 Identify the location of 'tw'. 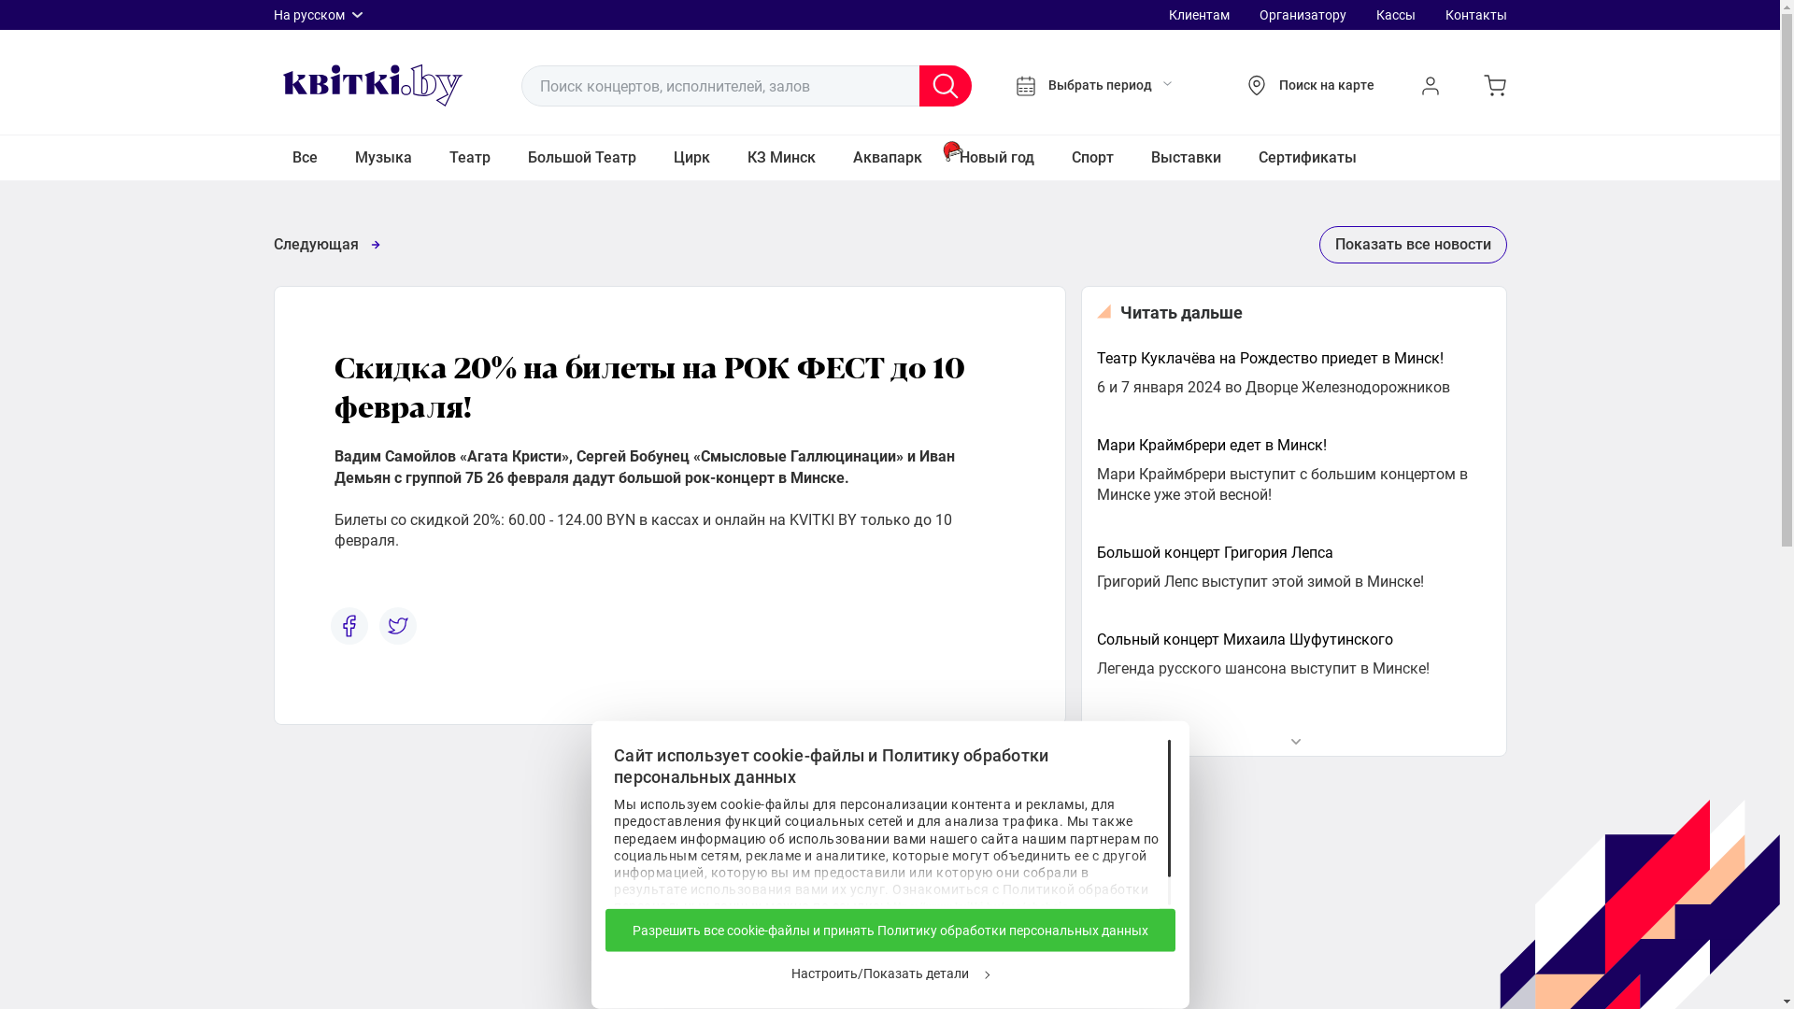
(397, 626).